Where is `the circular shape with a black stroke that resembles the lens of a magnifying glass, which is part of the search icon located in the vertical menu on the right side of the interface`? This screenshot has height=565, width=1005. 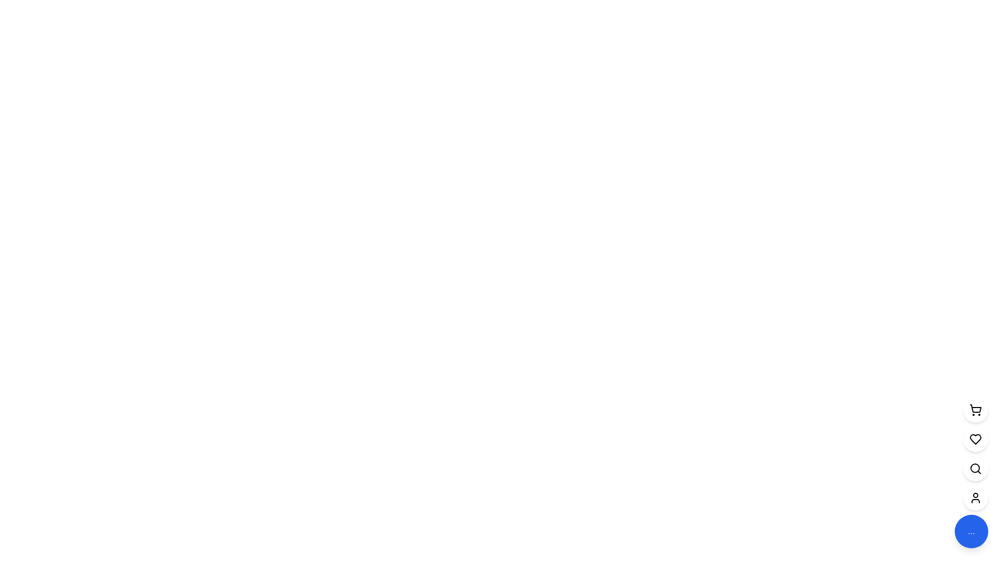 the circular shape with a black stroke that resembles the lens of a magnifying glass, which is part of the search icon located in the vertical menu on the right side of the interface is located at coordinates (974, 467).